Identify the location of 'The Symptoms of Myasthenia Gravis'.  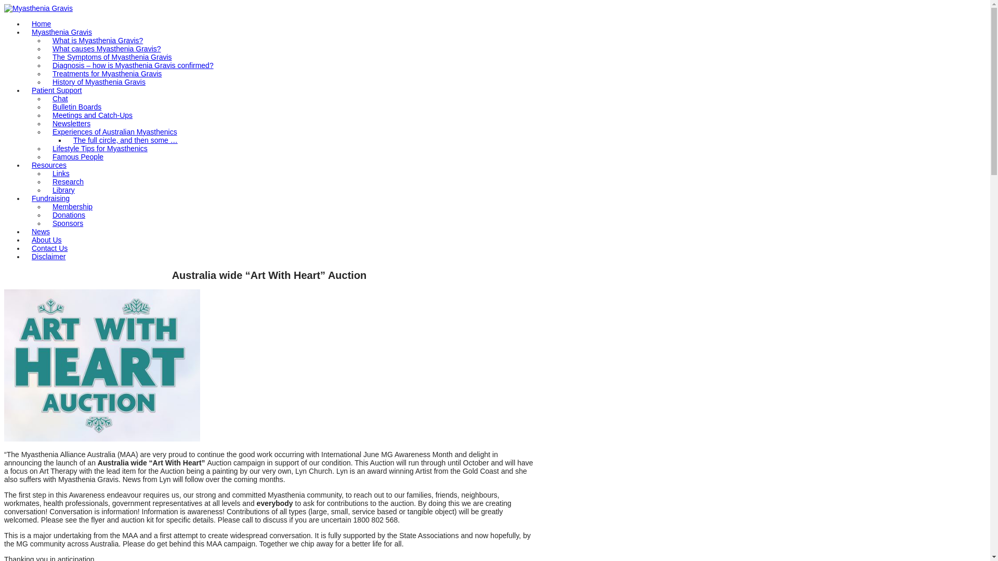
(112, 57).